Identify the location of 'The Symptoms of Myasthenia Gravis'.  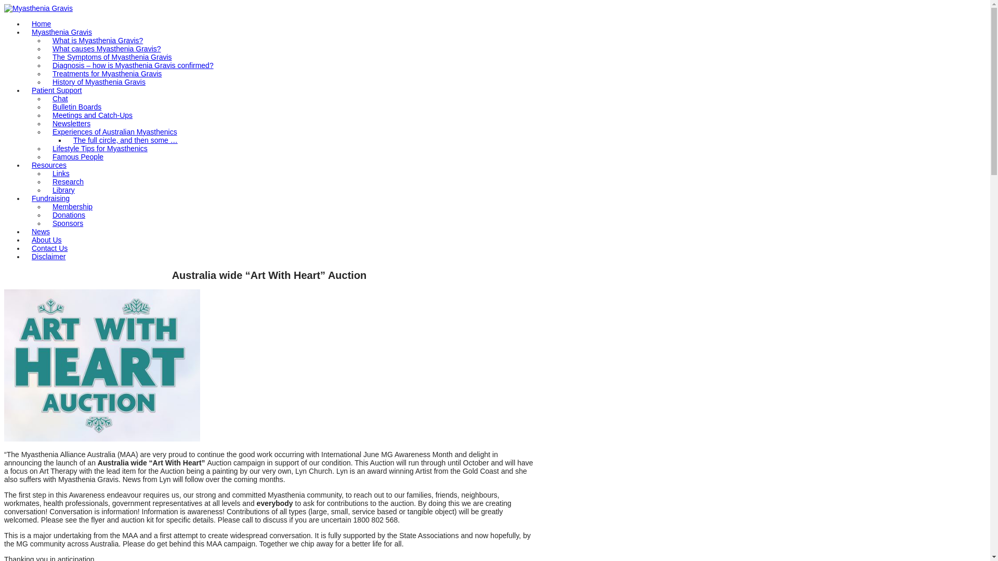
(112, 57).